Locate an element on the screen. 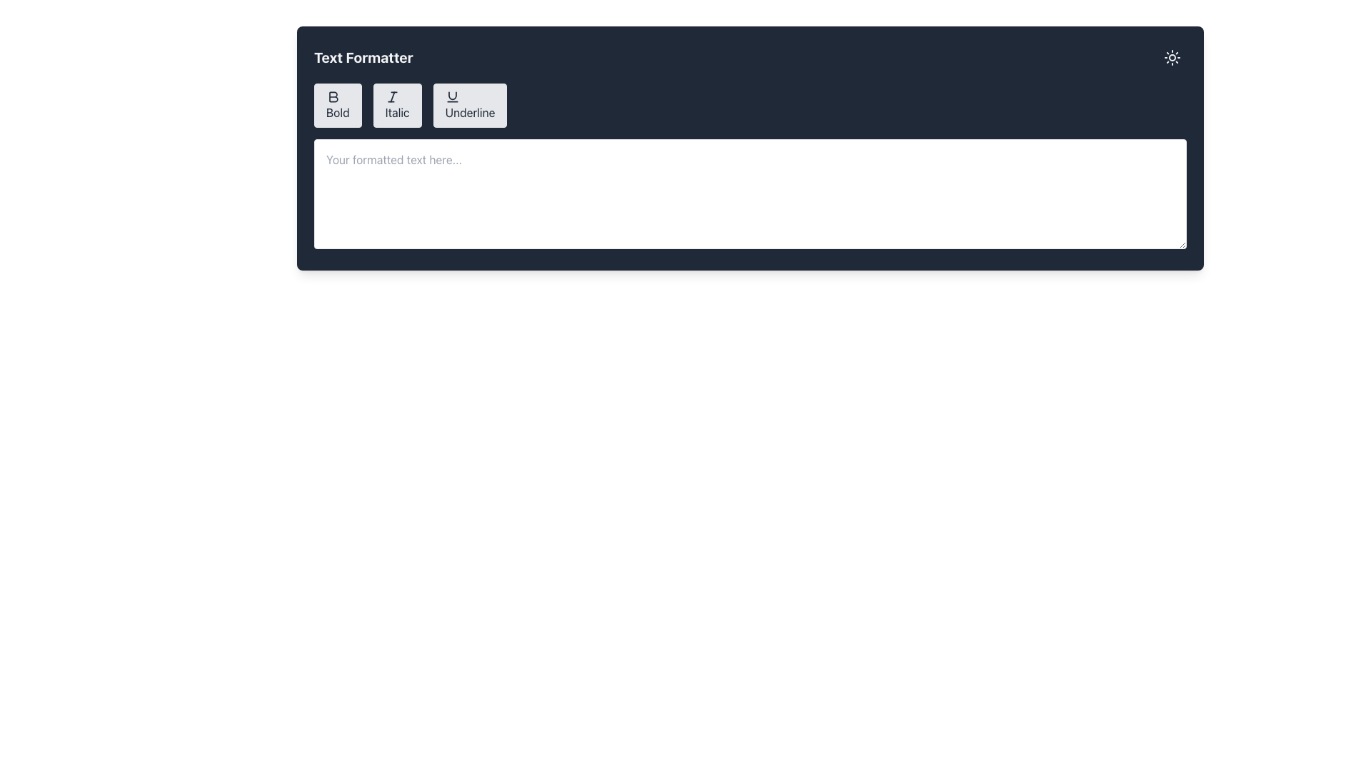 This screenshot has width=1371, height=771. the curved line icon within the 'Underline' icon in the toolbar above the text formatting area is located at coordinates (451, 96).